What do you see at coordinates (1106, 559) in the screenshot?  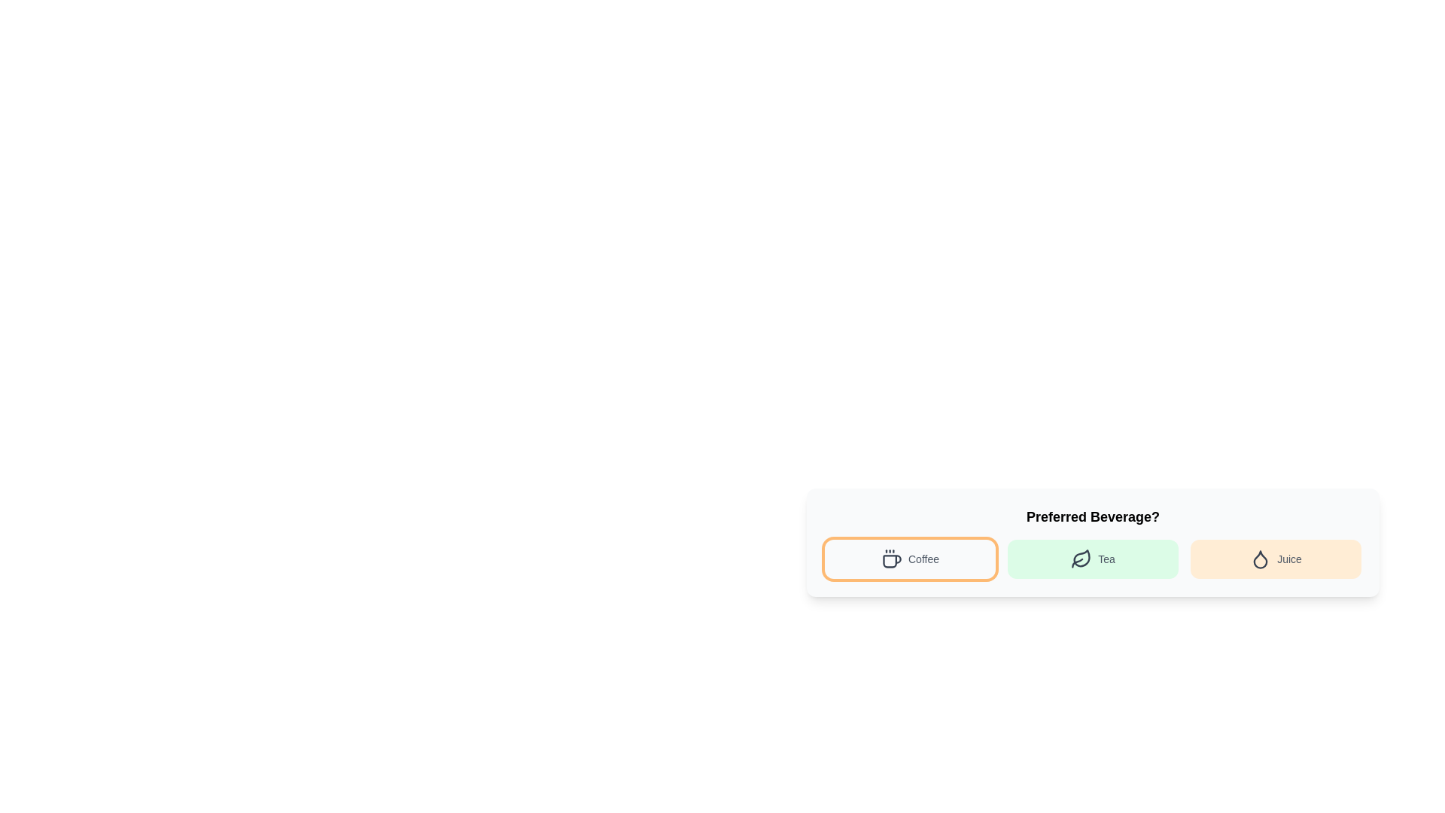 I see `the static text label containing the word 'Tea', which is styled in gray and located within a green button, positioned between a leaf icon and the 'Juice' option` at bounding box center [1106, 559].